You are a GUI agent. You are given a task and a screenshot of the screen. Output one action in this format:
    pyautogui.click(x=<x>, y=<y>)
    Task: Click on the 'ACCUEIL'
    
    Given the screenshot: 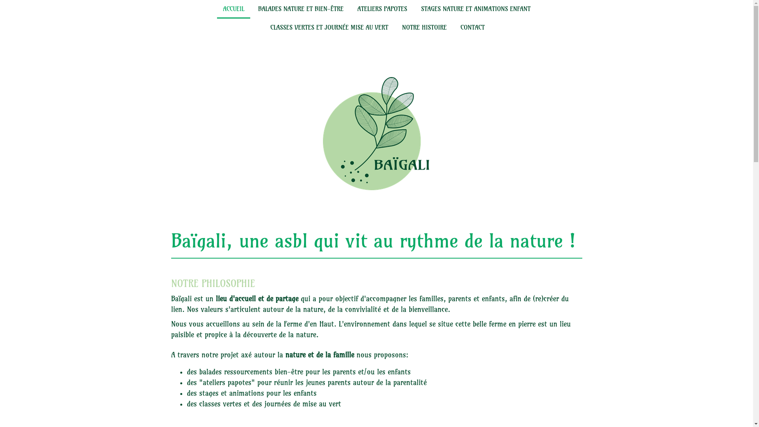 What is the action you would take?
    pyautogui.click(x=233, y=9)
    